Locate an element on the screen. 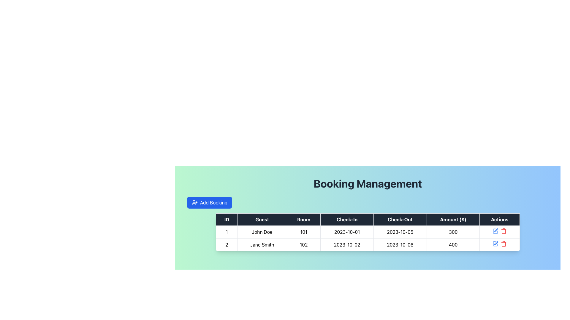 This screenshot has height=320, width=570. the table cell containing the text '1', which is the first column of the first row under the 'ID' header, adjacent to the 'Guest' column with 'John Doe' is located at coordinates (226, 232).